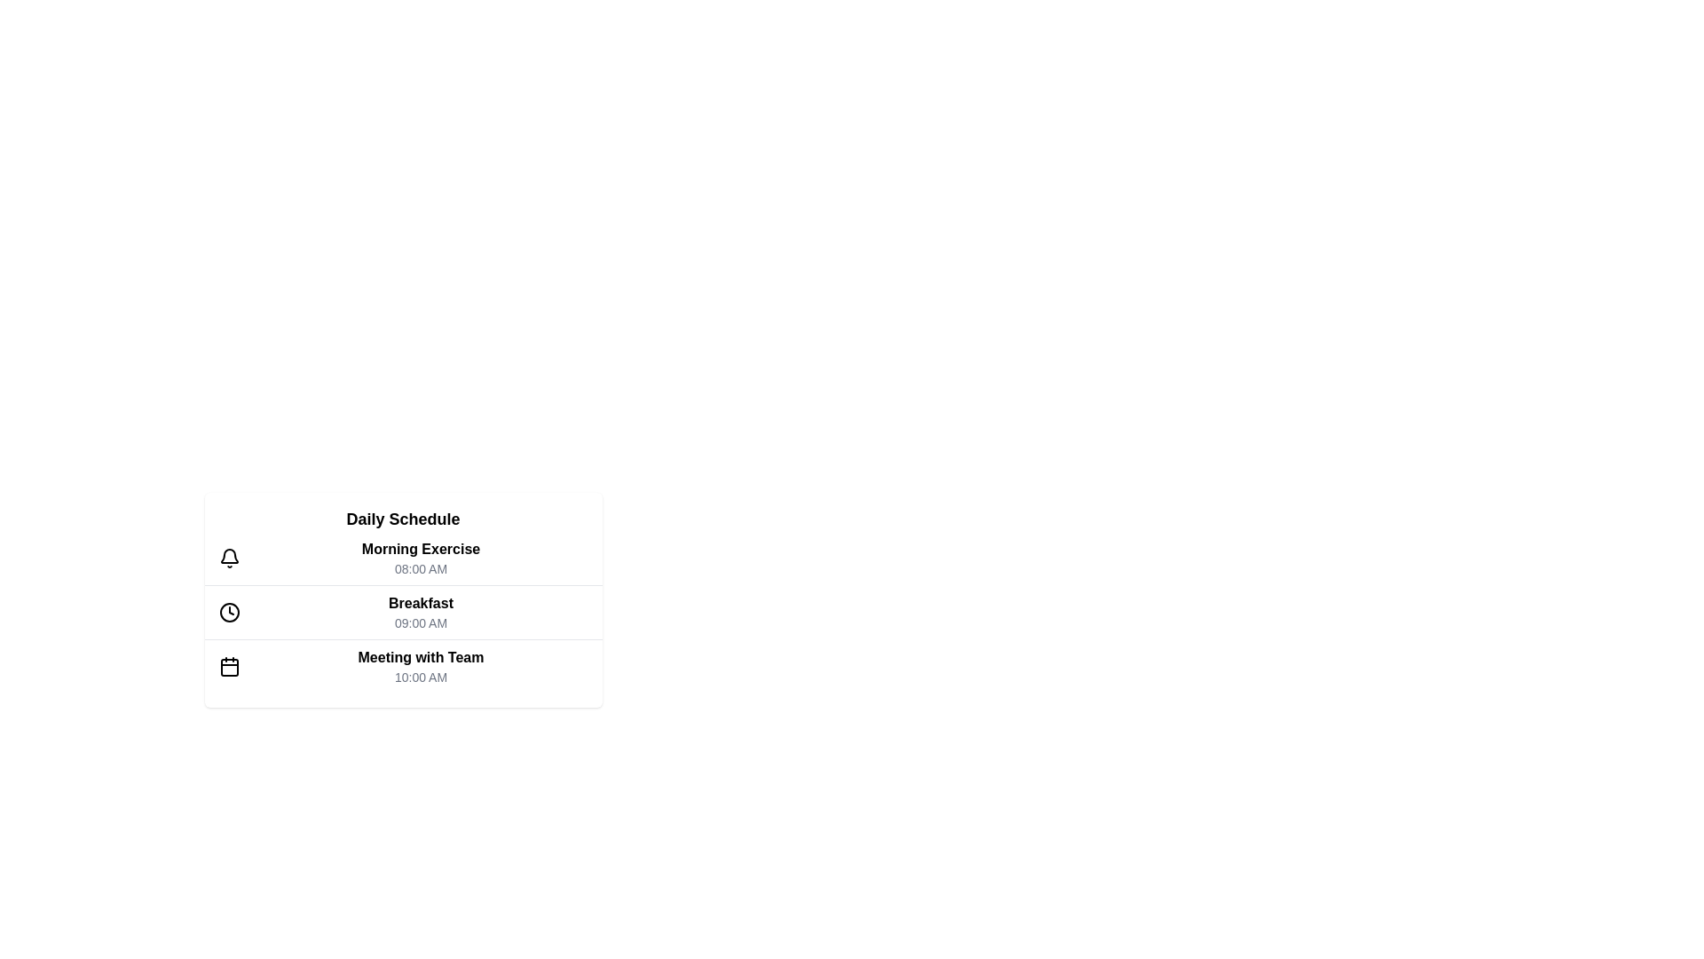  What do you see at coordinates (420, 667) in the screenshot?
I see `the list item displaying 'Meeting with Team' and its time '10:00 AM'` at bounding box center [420, 667].